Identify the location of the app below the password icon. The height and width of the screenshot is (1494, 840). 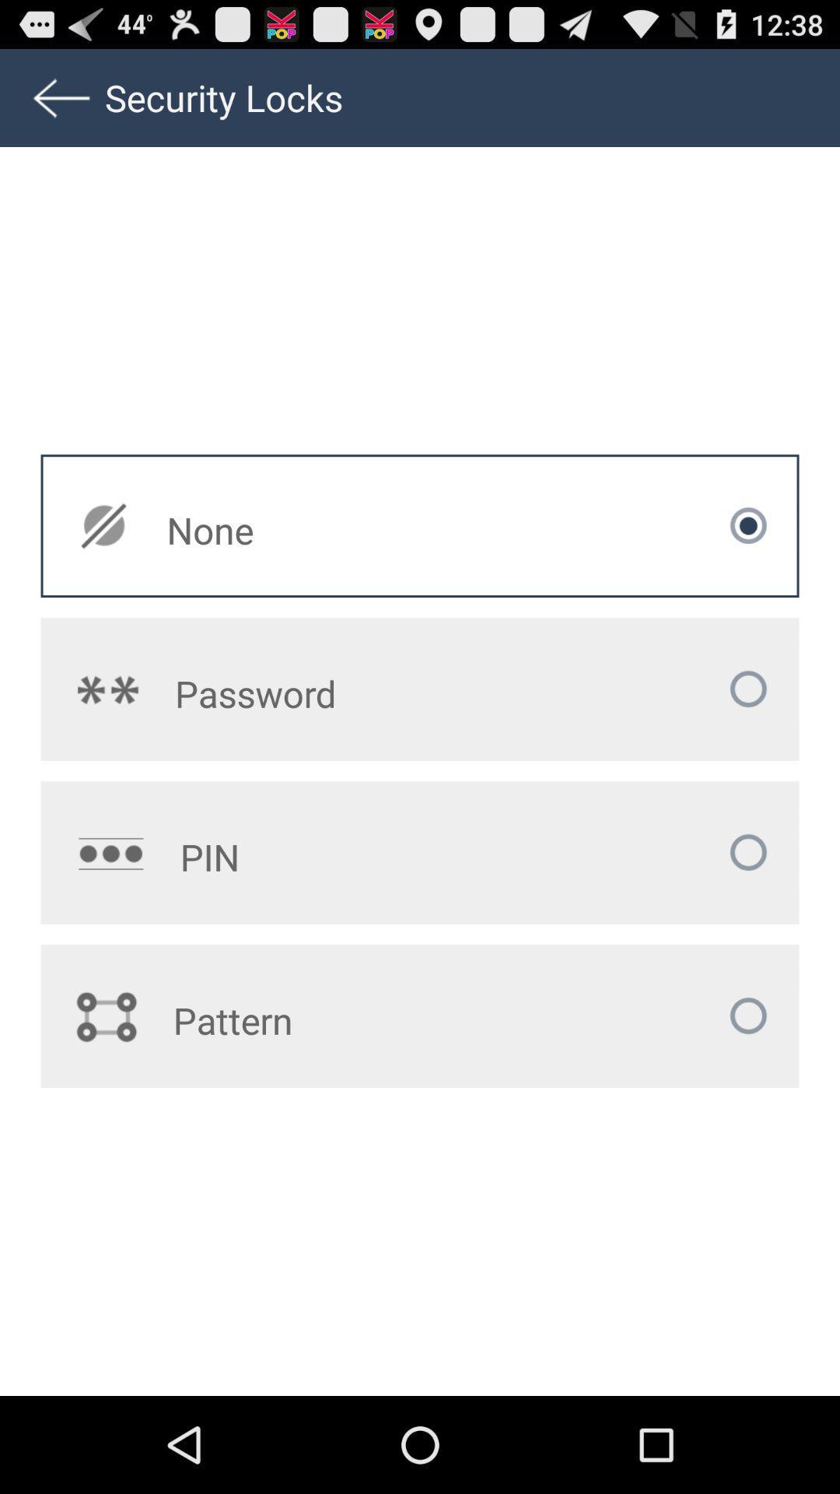
(332, 856).